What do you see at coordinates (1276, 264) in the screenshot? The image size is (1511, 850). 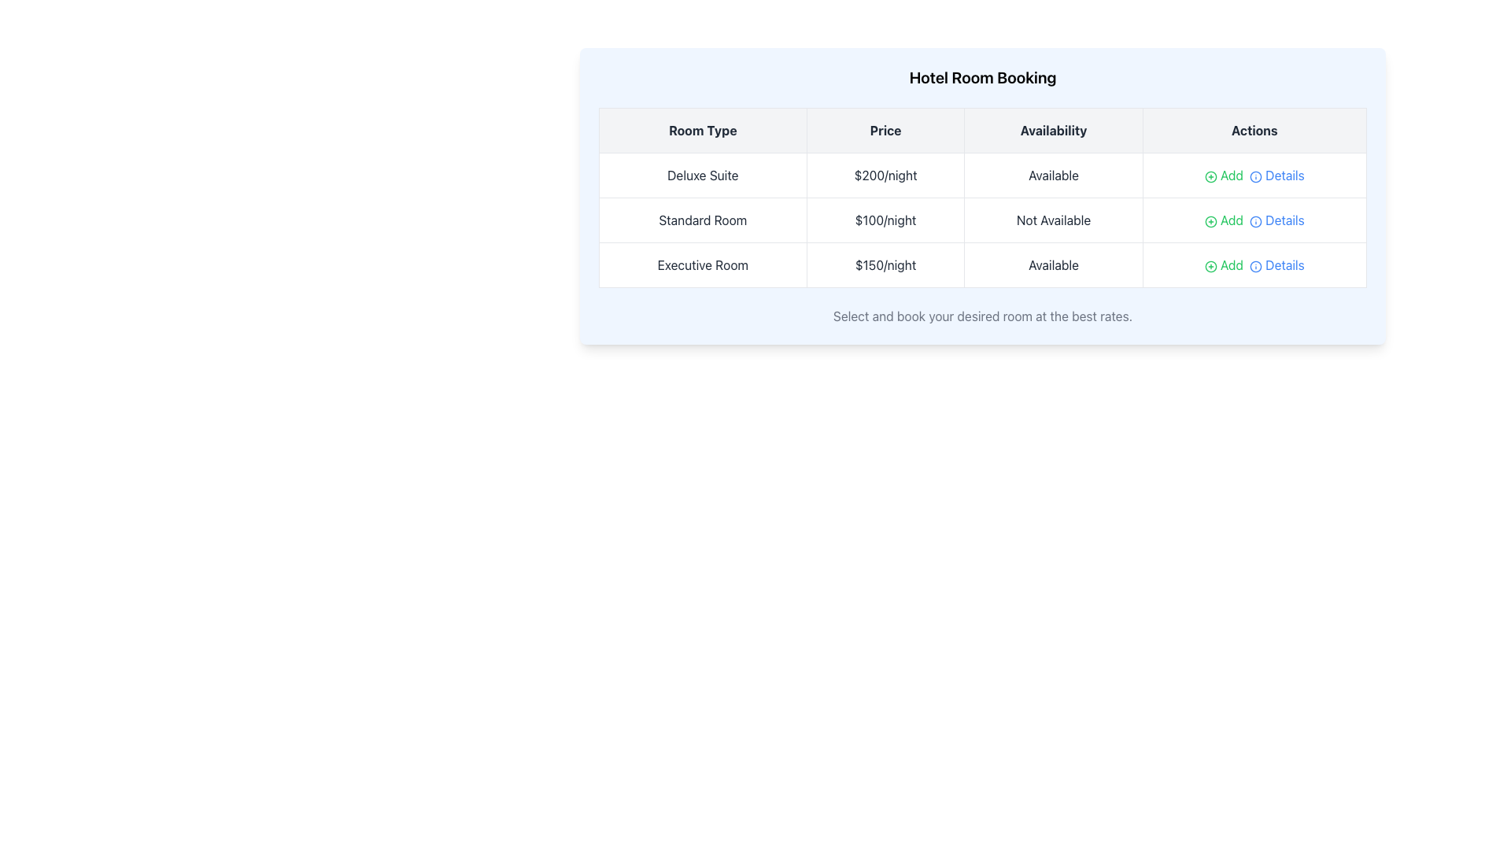 I see `the last 'Details' button in the 'Actions' column of the table` at bounding box center [1276, 264].